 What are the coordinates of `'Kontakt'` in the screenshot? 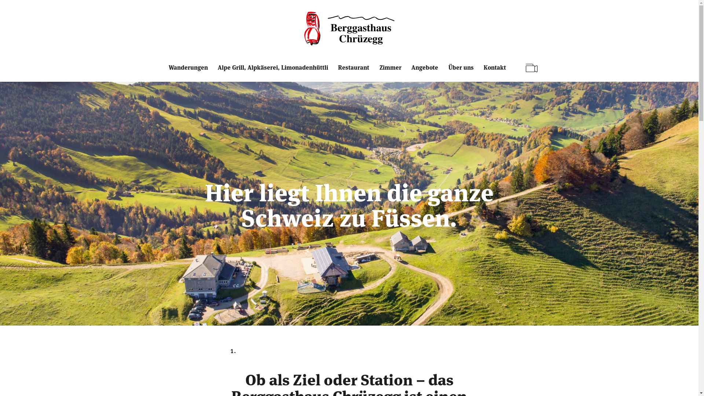 It's located at (496, 73).